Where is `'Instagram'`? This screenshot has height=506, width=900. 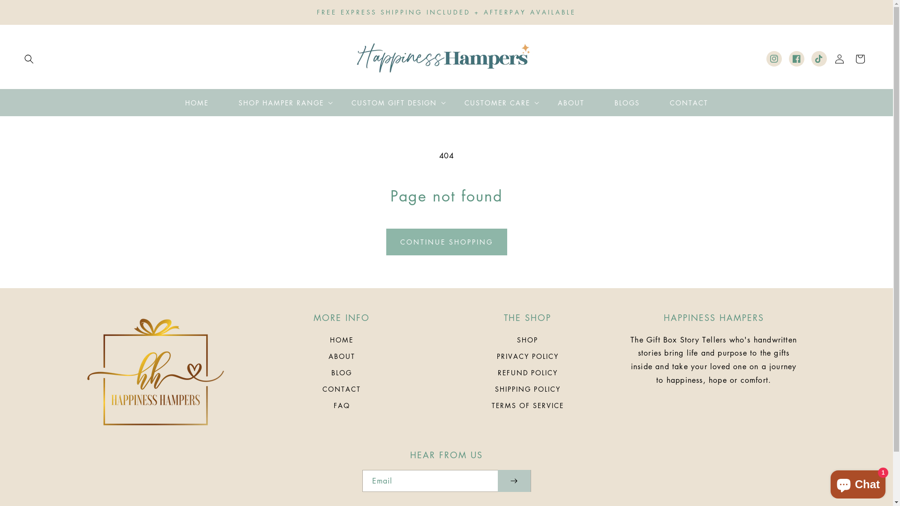
'Instagram' is located at coordinates (766, 59).